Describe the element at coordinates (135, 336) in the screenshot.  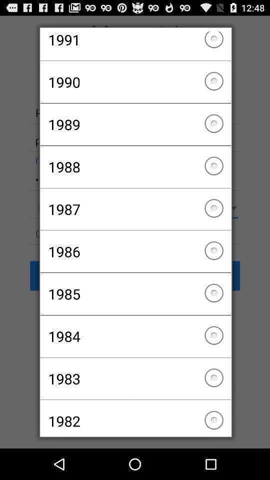
I see `the icon below the 1985 icon` at that location.